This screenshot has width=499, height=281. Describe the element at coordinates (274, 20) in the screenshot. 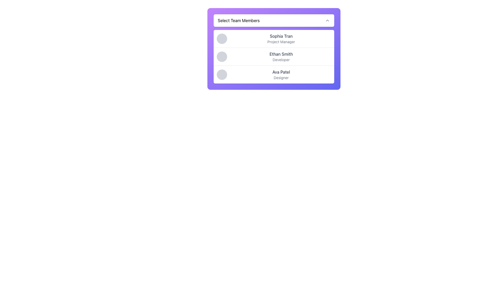

I see `the Dropdown toggle button labeled 'Select Team Members'` at that location.